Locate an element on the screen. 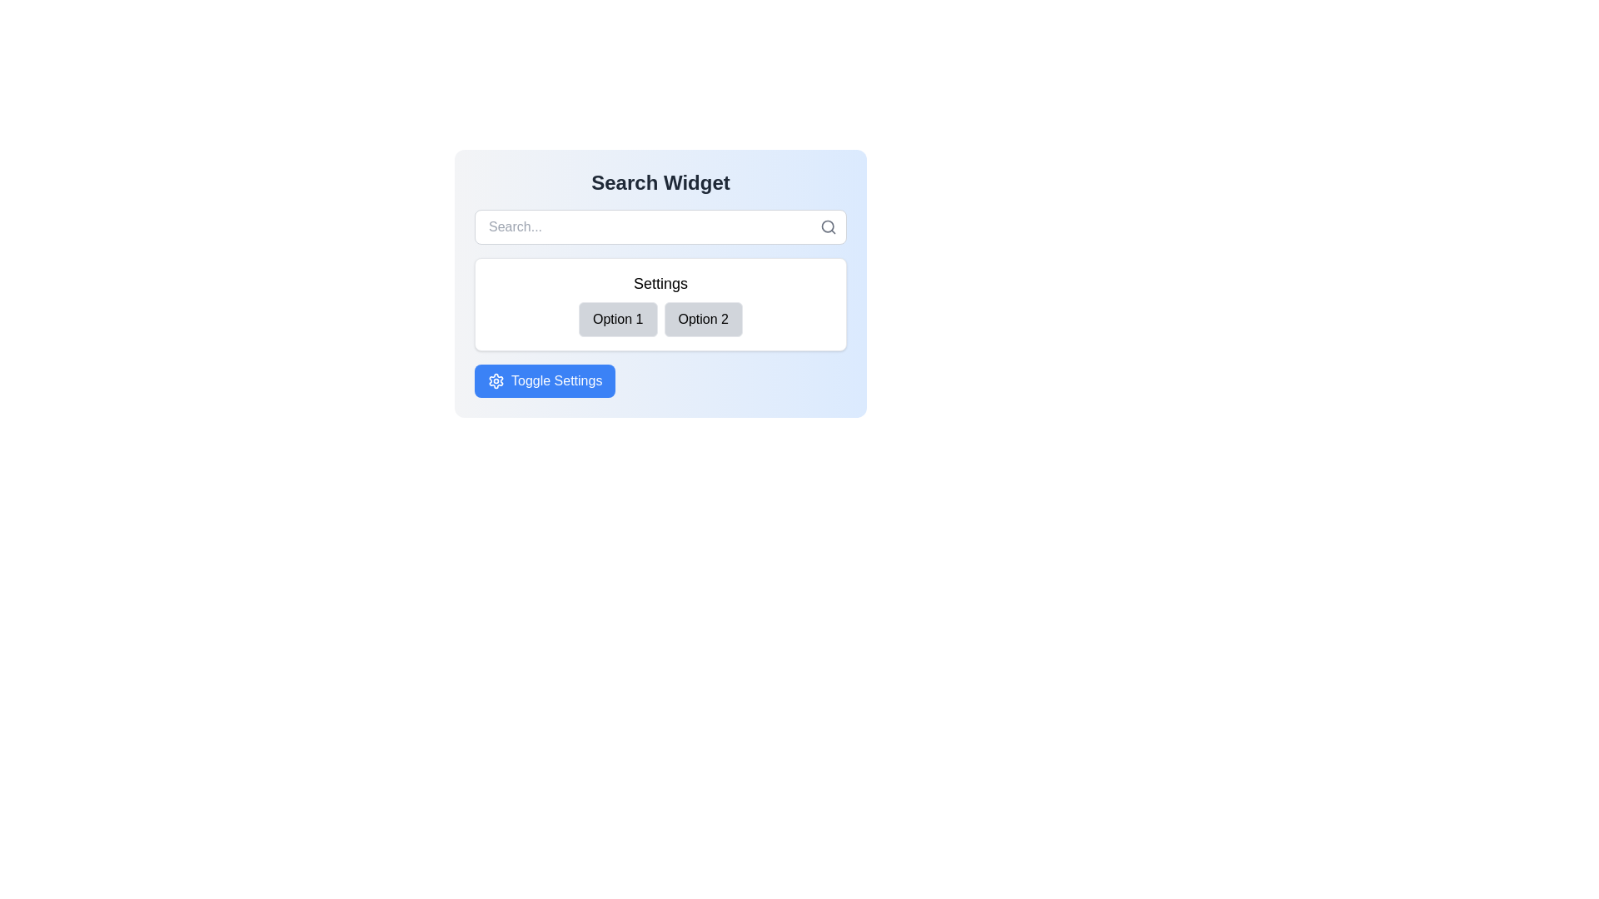 This screenshot has height=899, width=1599. the cogwheel icon with a blue background that is located to the left of the text 'Toggle Settings' within a rectangular button in the bottom-left portion of the card layout is located at coordinates (495, 381).